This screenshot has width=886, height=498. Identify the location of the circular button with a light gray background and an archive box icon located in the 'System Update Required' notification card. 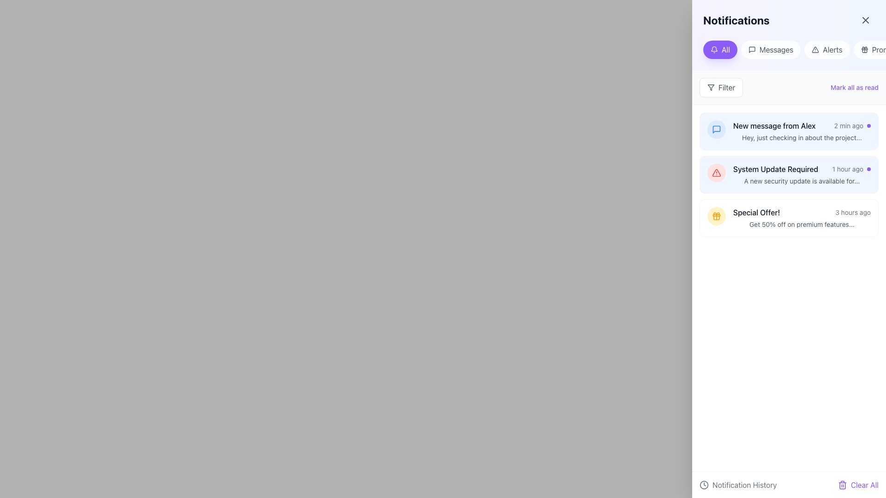
(826, 174).